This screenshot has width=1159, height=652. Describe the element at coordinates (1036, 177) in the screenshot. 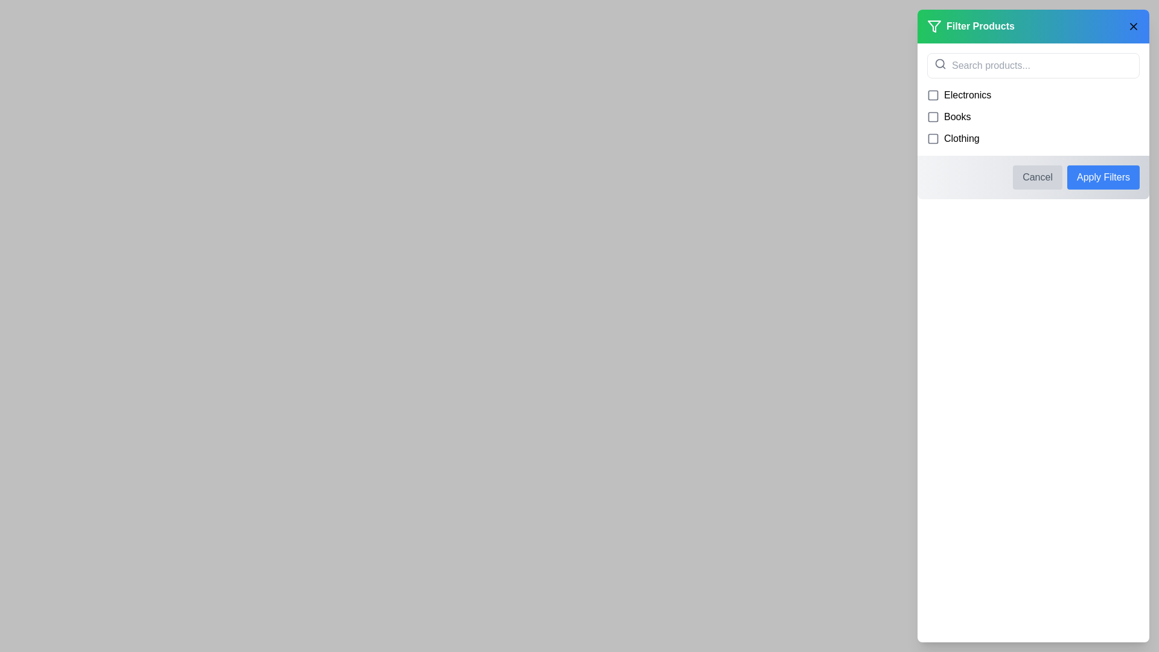

I see `the 'Cancel' button` at that location.